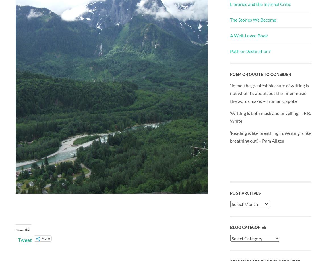  I want to click on '‘Writing is both mask and unveiling.’ – E.B. White', so click(270, 116).